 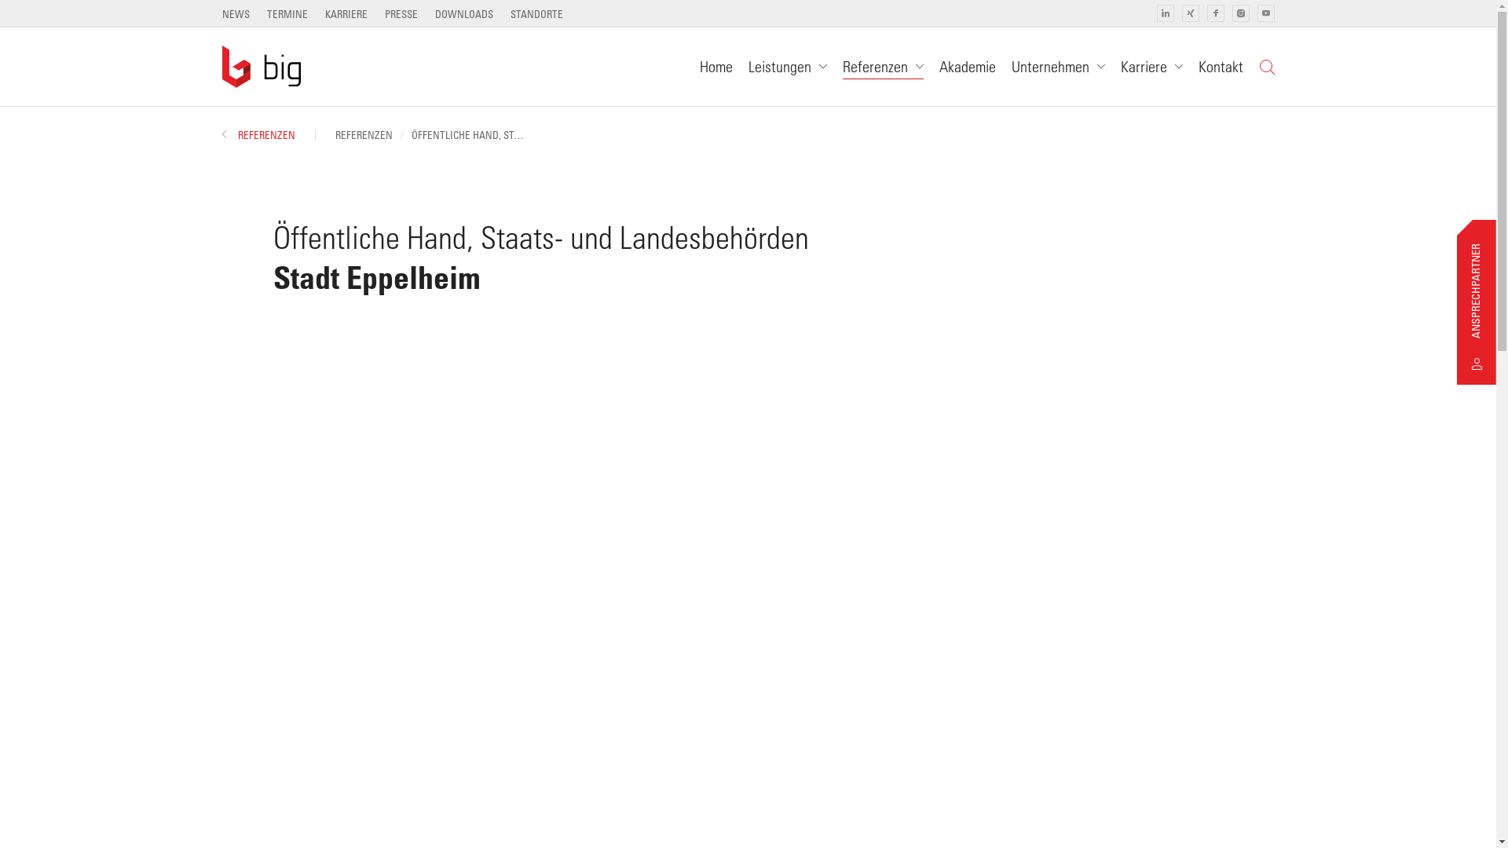 What do you see at coordinates (1266, 65) in the screenshot?
I see `'Suche'` at bounding box center [1266, 65].